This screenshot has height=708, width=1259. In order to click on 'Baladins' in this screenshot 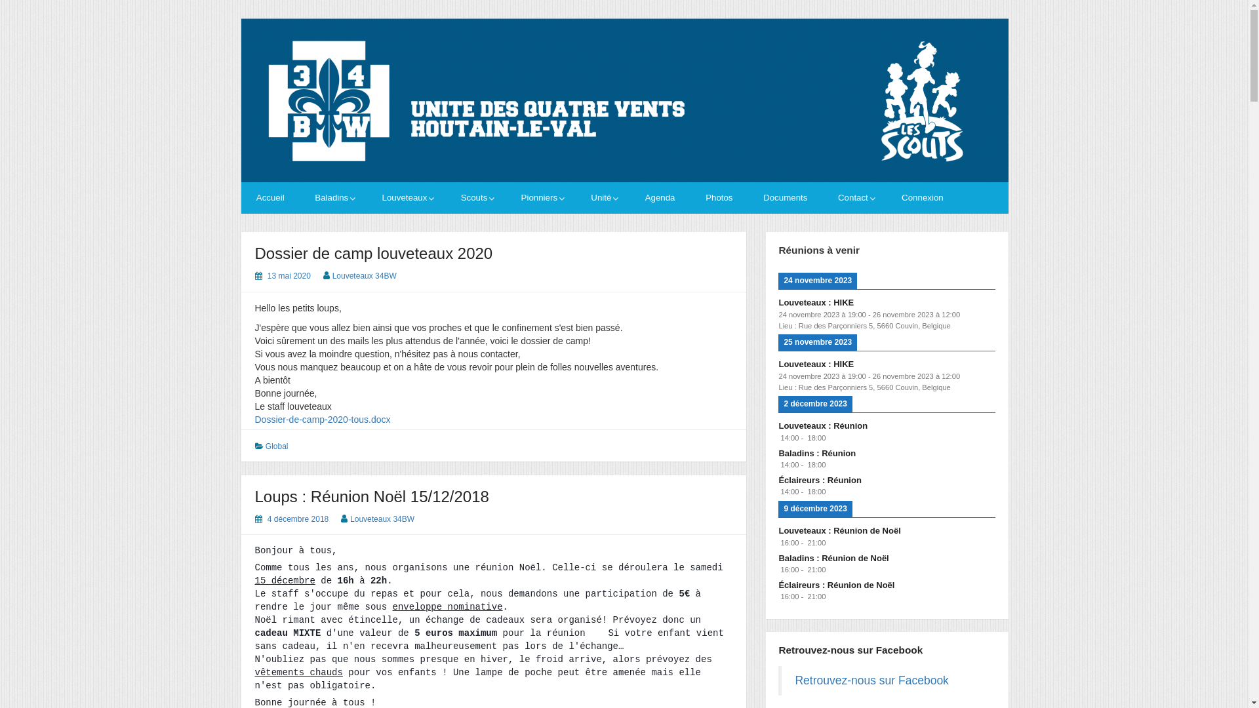, I will do `click(305, 197)`.